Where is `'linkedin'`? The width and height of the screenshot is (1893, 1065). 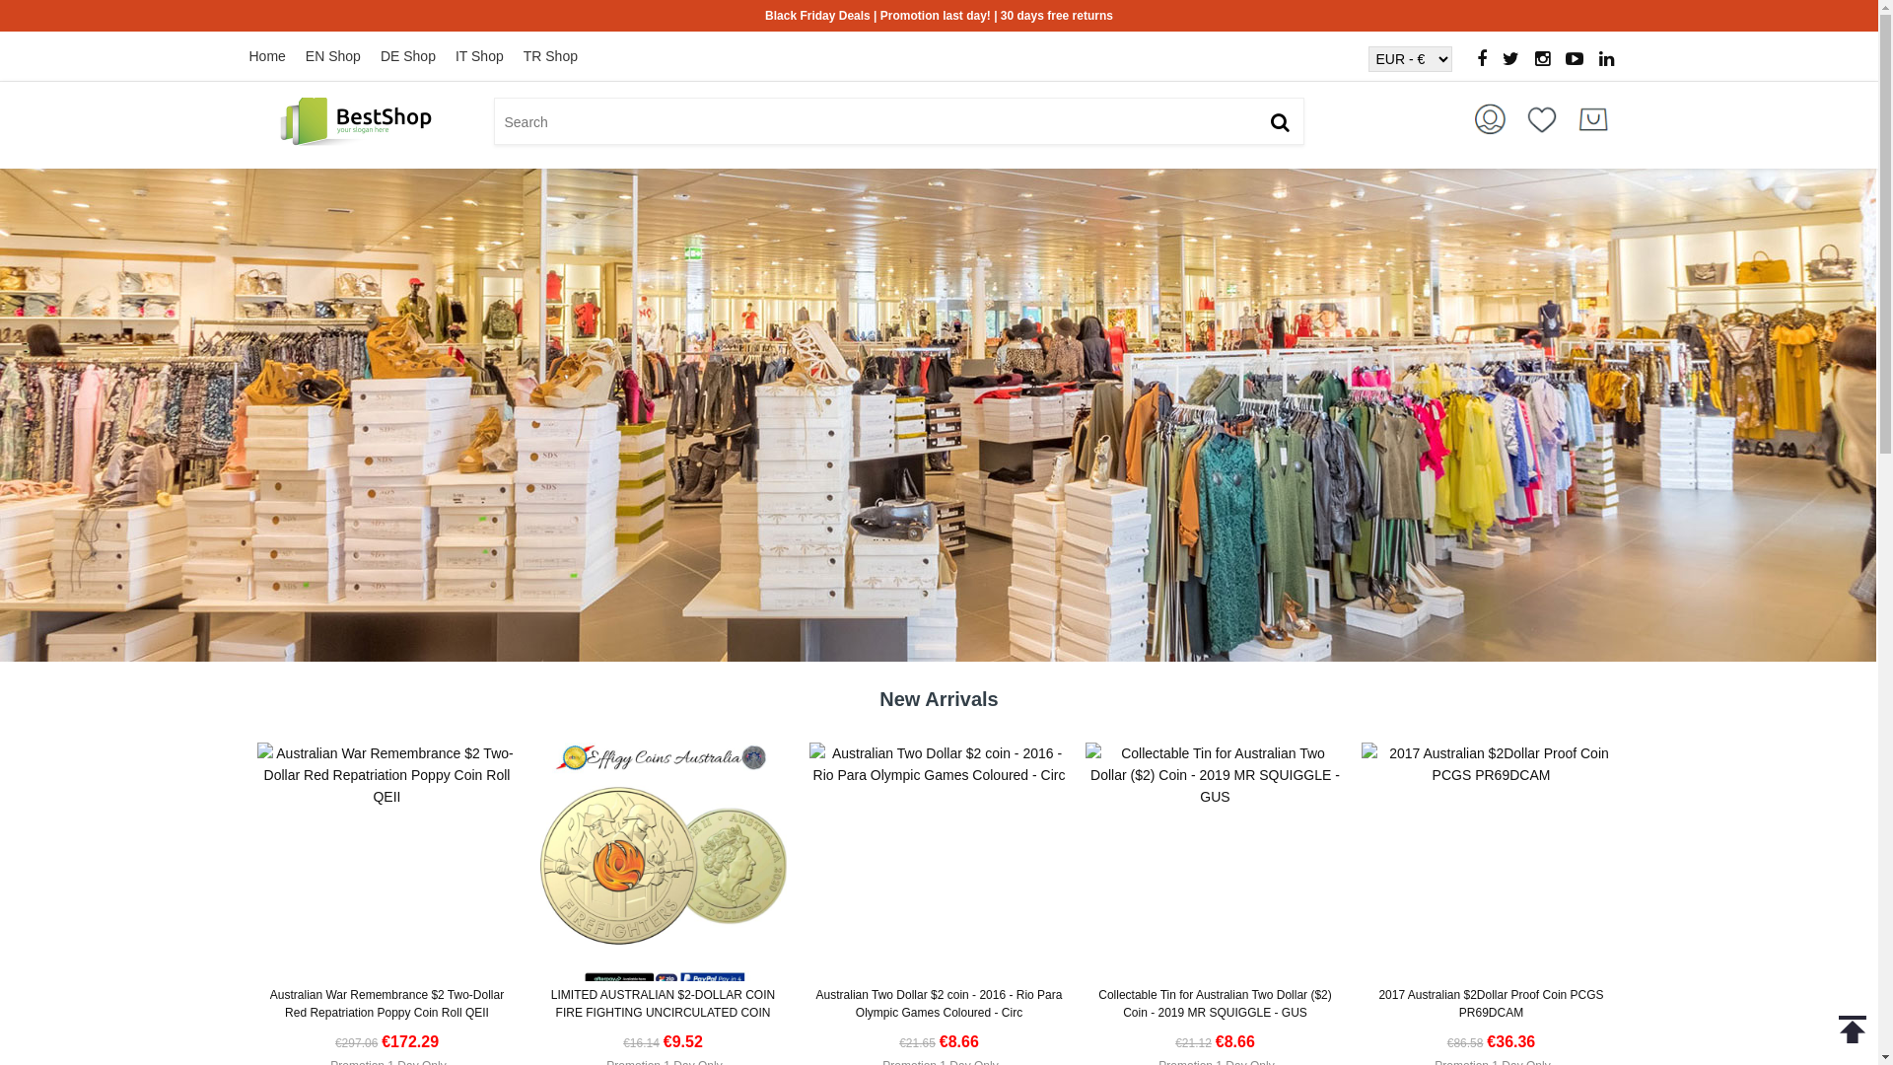 'linkedin' is located at coordinates (1606, 59).